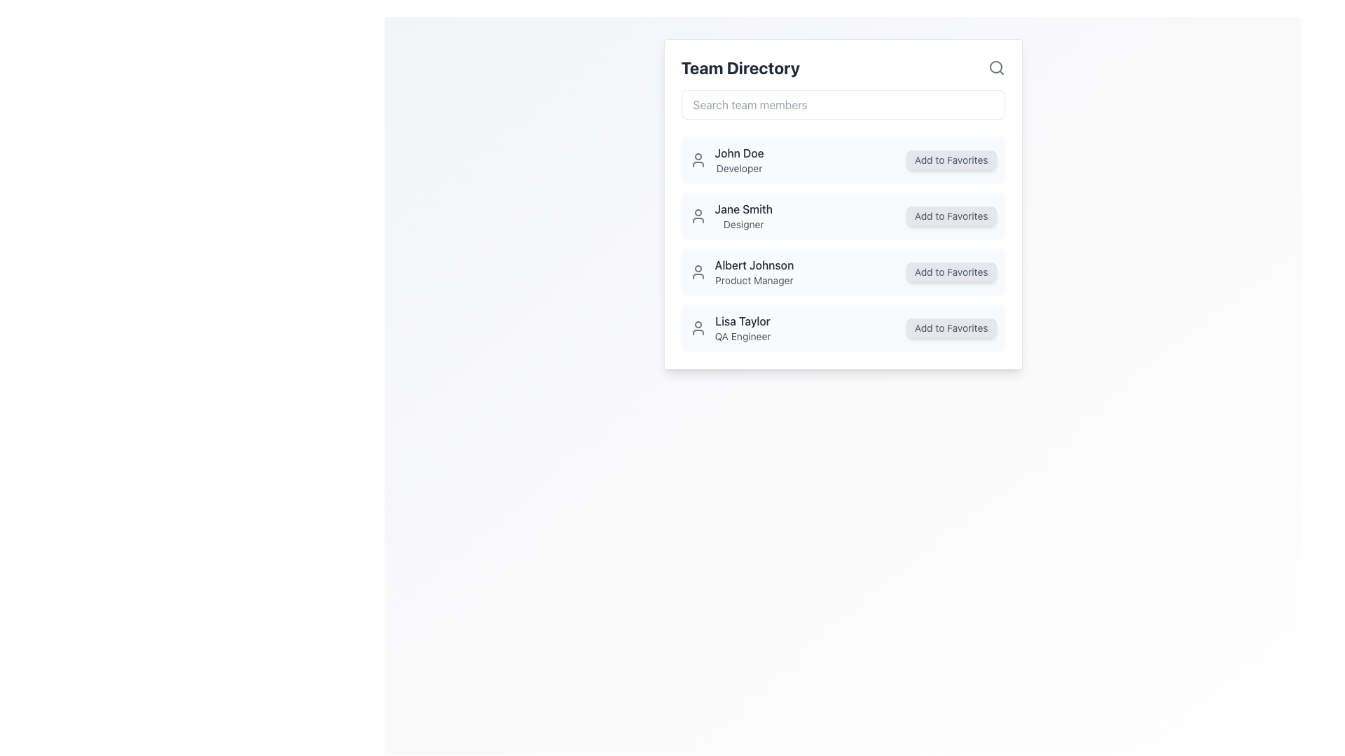 The height and width of the screenshot is (756, 1345). What do you see at coordinates (698, 159) in the screenshot?
I see `on the avatar icon representing the user 'John Doe' in the directory list` at bounding box center [698, 159].